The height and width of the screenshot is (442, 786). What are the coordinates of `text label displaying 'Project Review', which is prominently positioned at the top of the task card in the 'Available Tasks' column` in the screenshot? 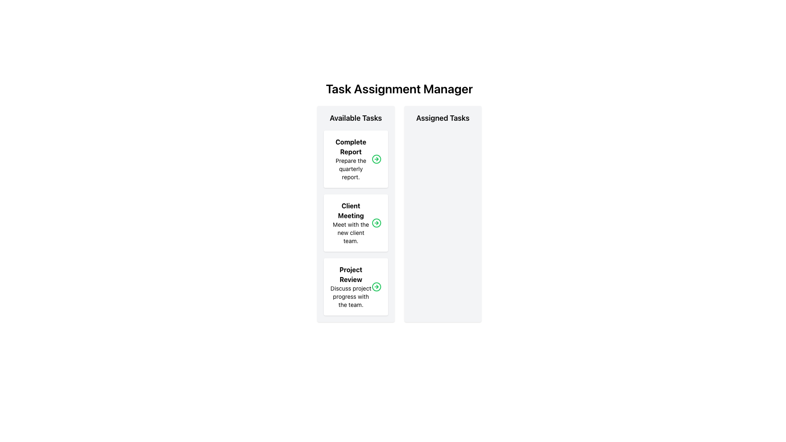 It's located at (351, 275).